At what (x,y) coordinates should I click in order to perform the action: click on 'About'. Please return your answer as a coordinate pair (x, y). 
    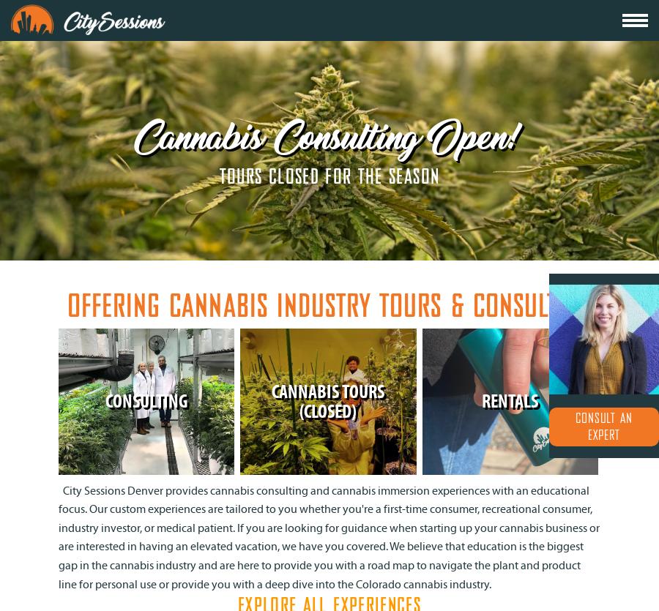
    Looking at the image, I should click on (485, 35).